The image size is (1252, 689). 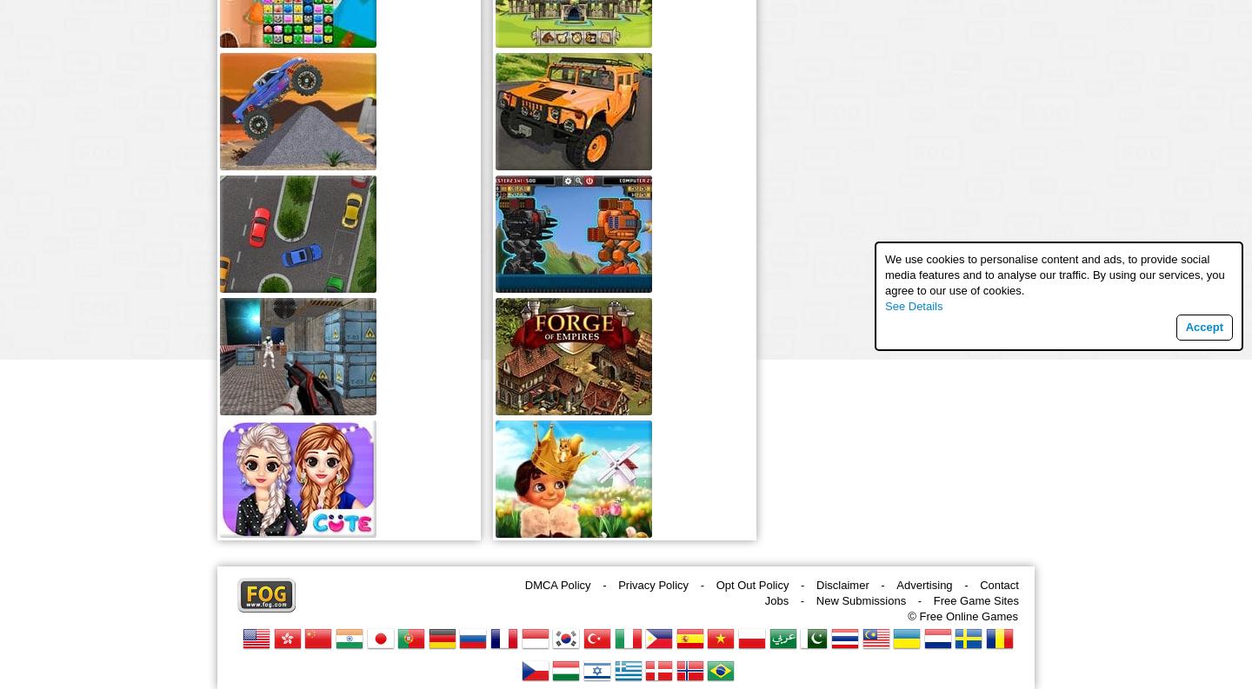 I want to click on 'Accept', so click(x=1203, y=326).